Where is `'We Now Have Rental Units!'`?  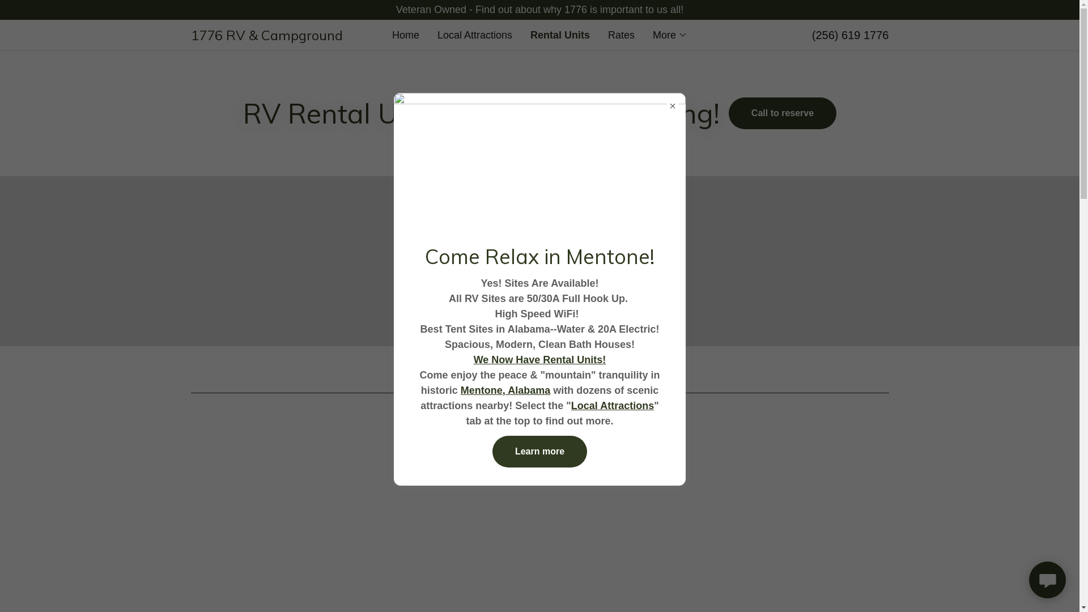 'We Now Have Rental Units!' is located at coordinates (539, 359).